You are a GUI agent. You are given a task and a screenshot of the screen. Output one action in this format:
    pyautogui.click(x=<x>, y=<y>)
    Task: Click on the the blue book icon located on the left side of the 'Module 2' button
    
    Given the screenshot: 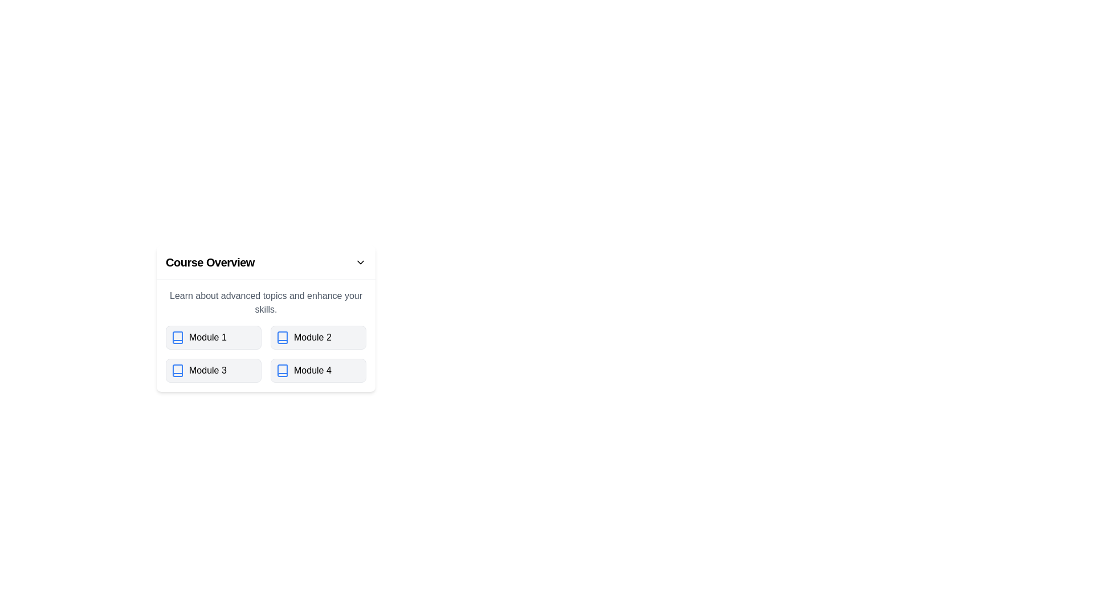 What is the action you would take?
    pyautogui.click(x=282, y=337)
    